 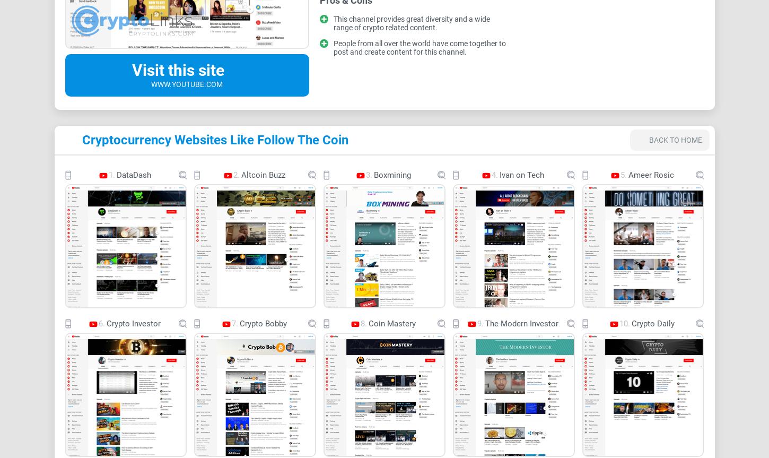 I want to click on 'BACK TO HOME', so click(x=675, y=139).